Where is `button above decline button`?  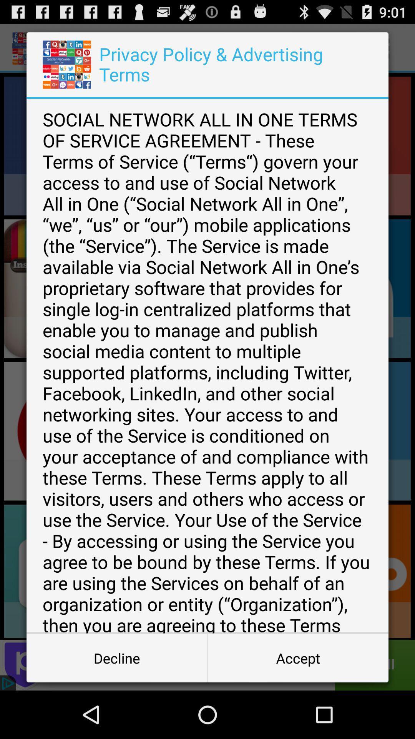 button above decline button is located at coordinates (207, 366).